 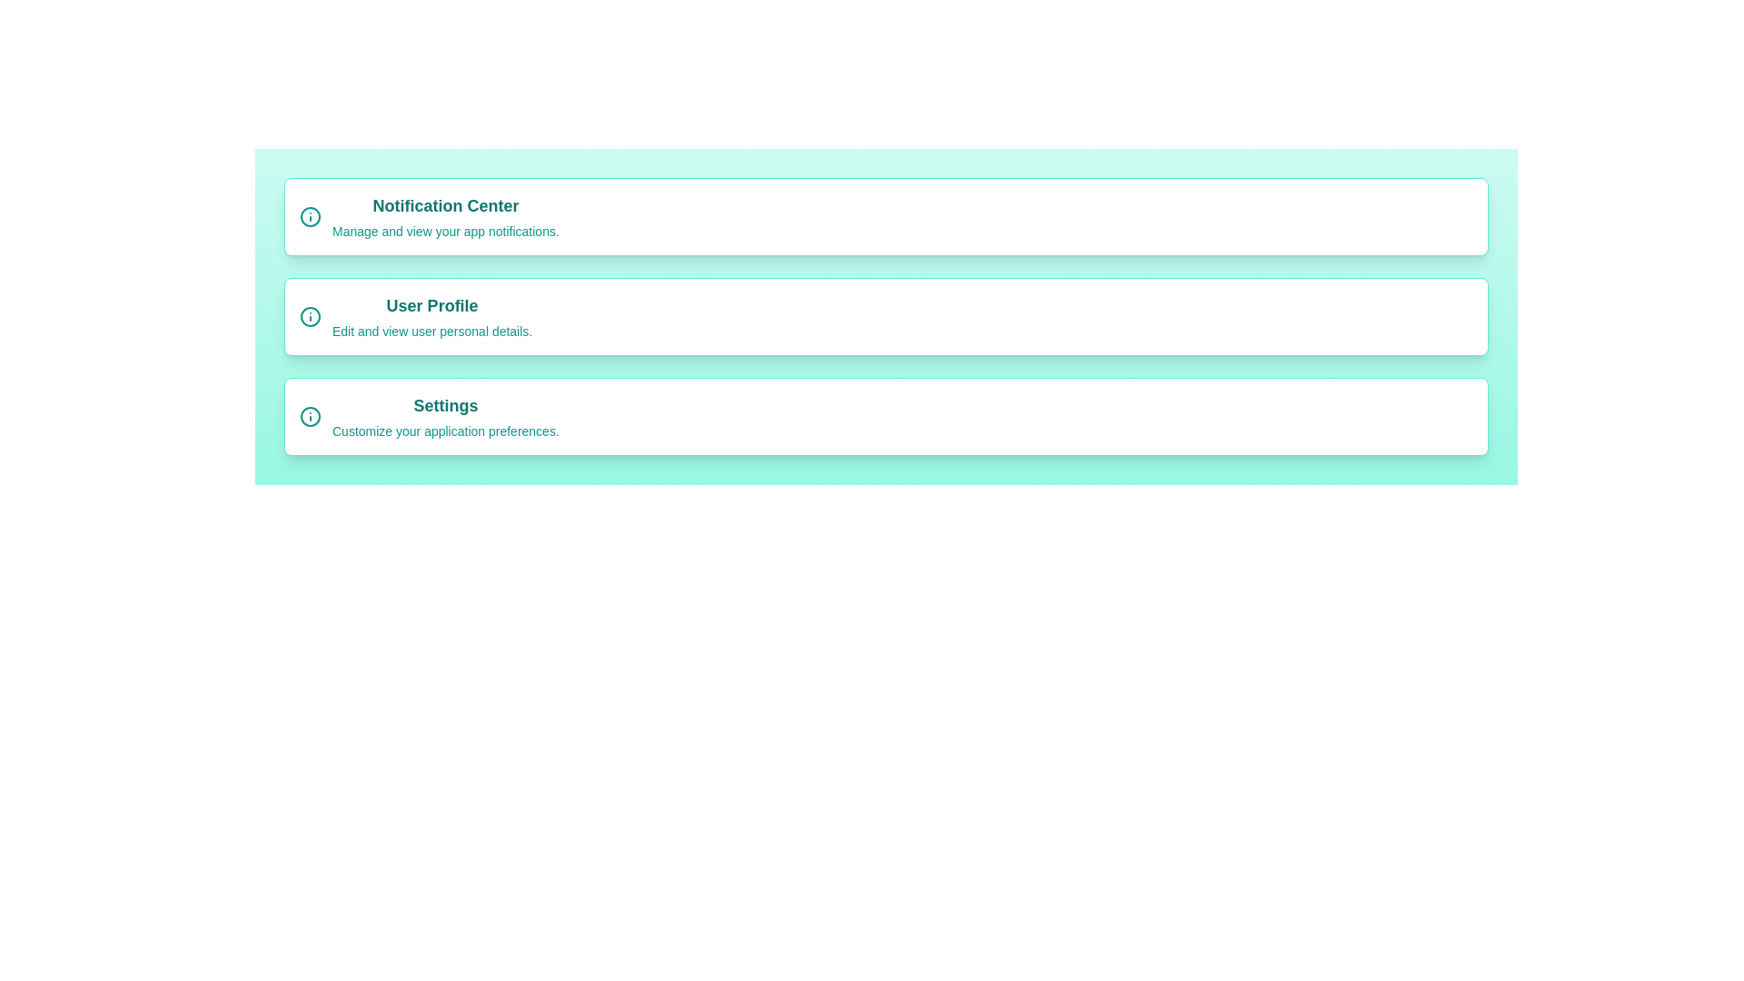 I want to click on the primary title or header text element located in the second section of the vertically aligned list of card-like components to focus on the section, so click(x=431, y=304).